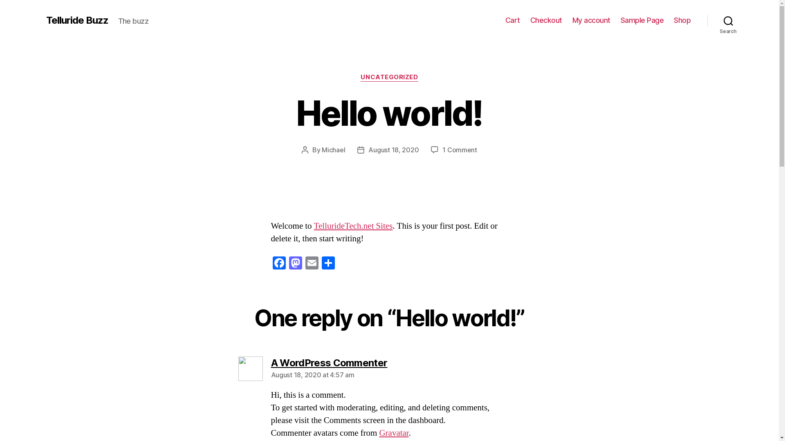 The height and width of the screenshot is (441, 785). What do you see at coordinates (393, 149) in the screenshot?
I see `'August 18, 2020'` at bounding box center [393, 149].